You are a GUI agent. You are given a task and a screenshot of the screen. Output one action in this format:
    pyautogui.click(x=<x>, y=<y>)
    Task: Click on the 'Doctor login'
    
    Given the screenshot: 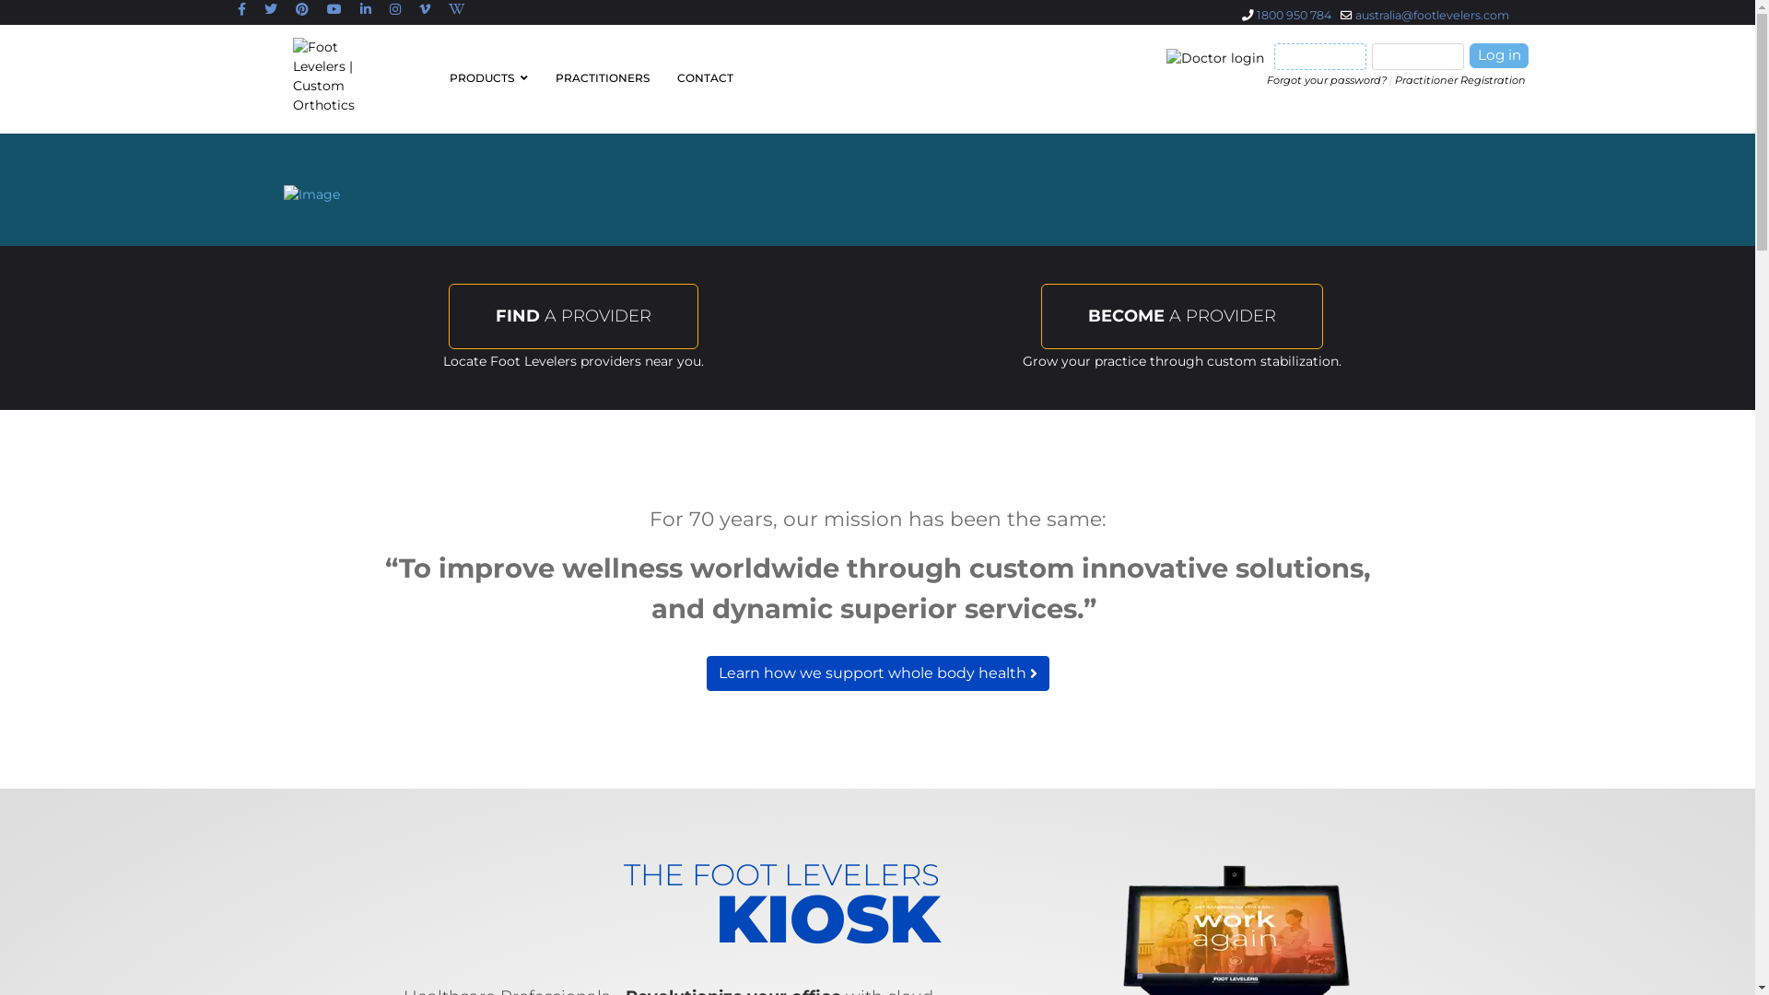 What is the action you would take?
    pyautogui.click(x=1218, y=55)
    